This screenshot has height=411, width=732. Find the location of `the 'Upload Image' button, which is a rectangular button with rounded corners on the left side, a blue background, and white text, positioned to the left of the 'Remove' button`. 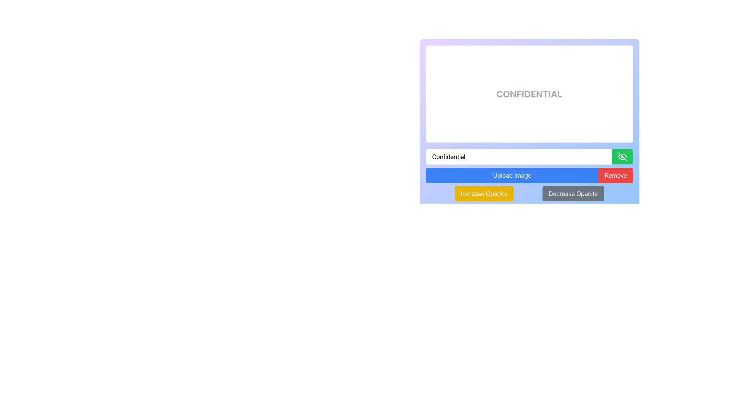

the 'Upload Image' button, which is a rectangular button with rounded corners on the left side, a blue background, and white text, positioned to the left of the 'Remove' button is located at coordinates (512, 175).